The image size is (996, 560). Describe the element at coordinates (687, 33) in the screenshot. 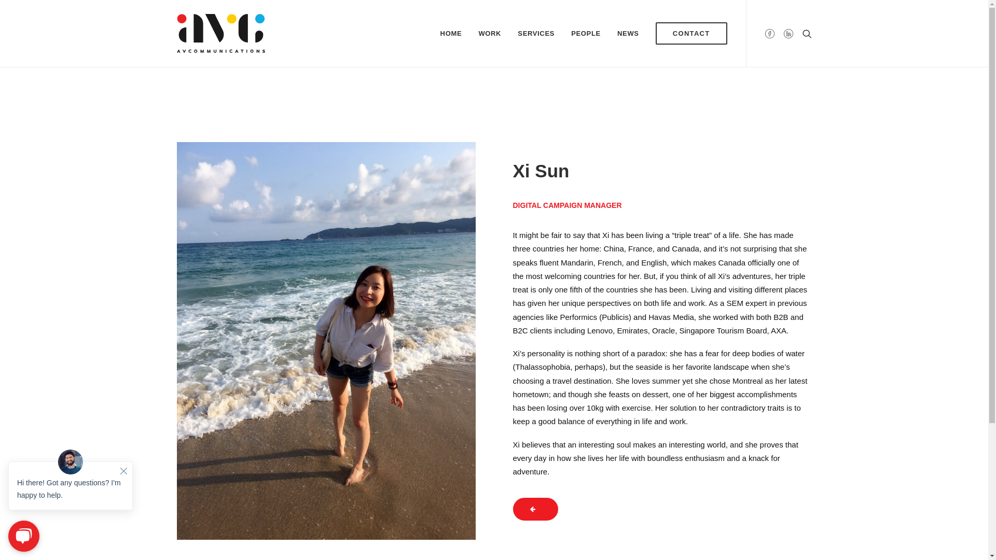

I see `'CONTACT'` at that location.